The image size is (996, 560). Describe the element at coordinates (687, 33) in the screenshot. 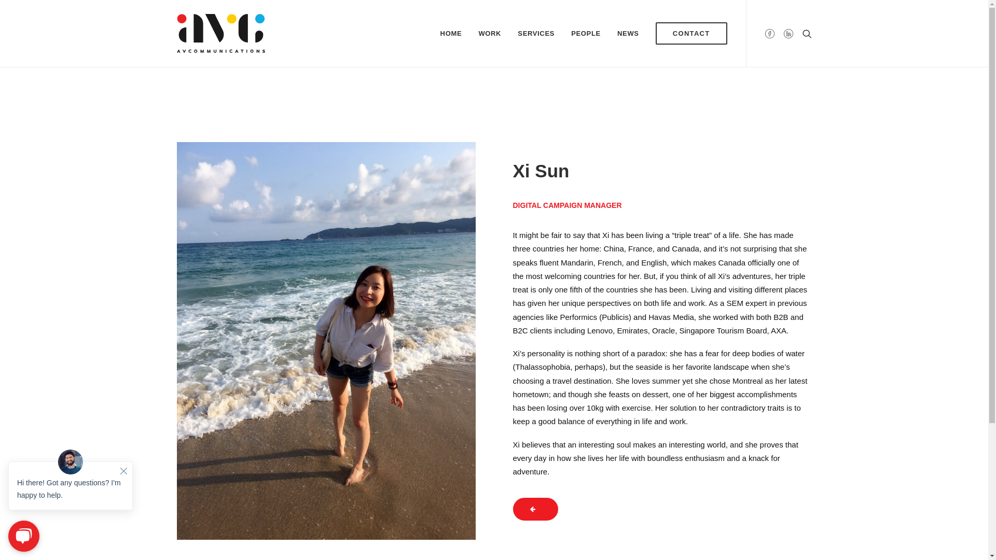

I see `'CONTACT'` at that location.